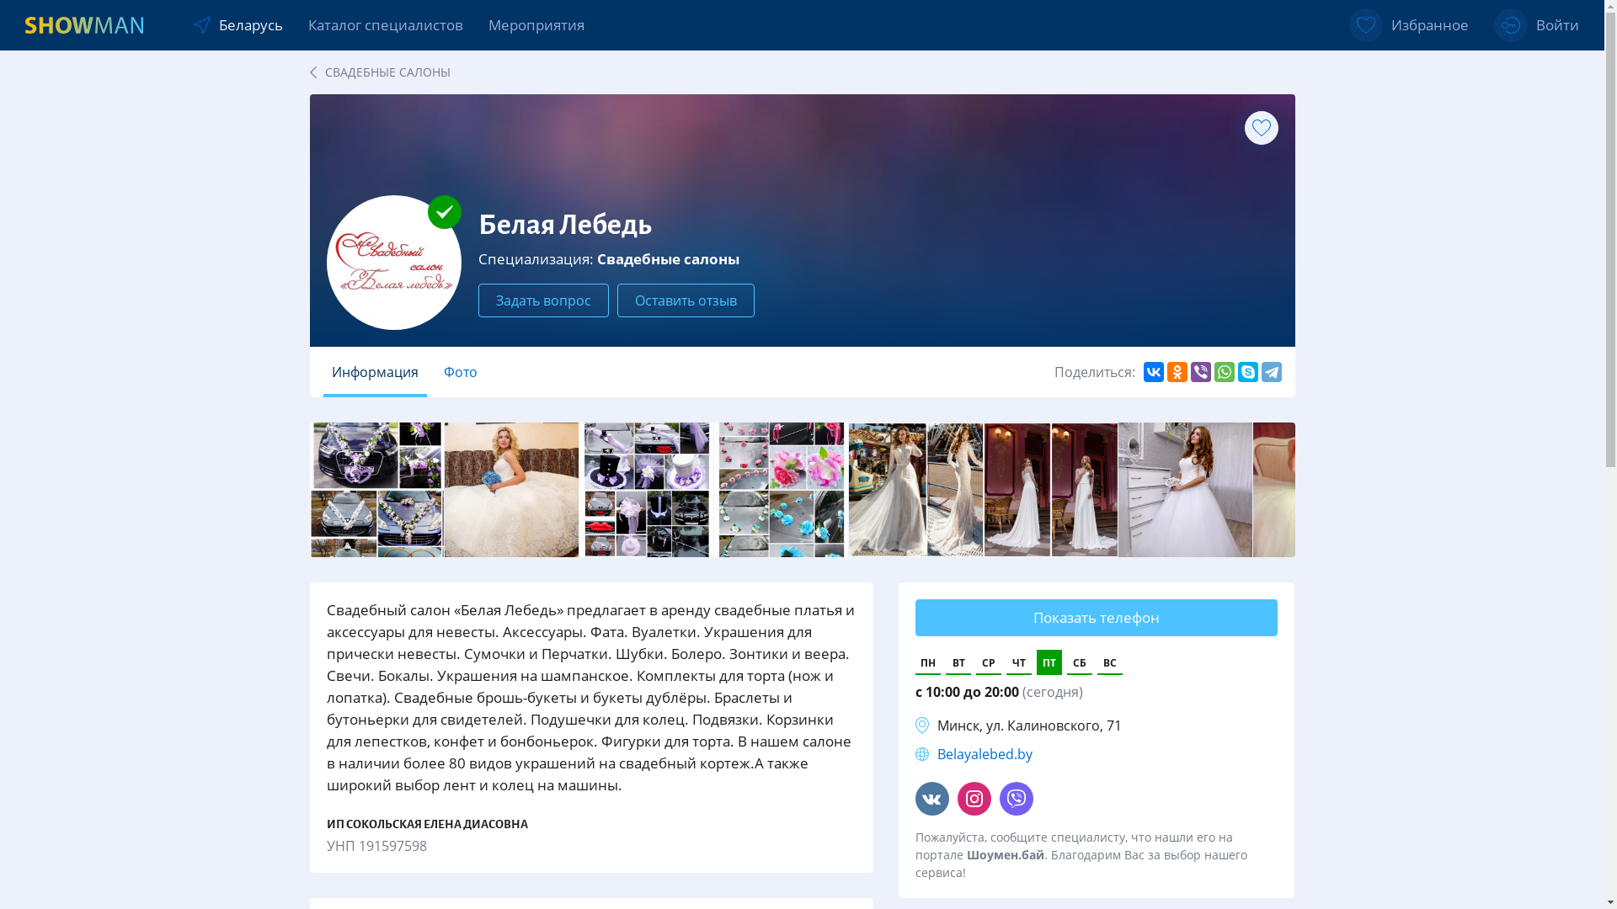 This screenshot has width=1617, height=909. I want to click on 'Viber', so click(1199, 371).